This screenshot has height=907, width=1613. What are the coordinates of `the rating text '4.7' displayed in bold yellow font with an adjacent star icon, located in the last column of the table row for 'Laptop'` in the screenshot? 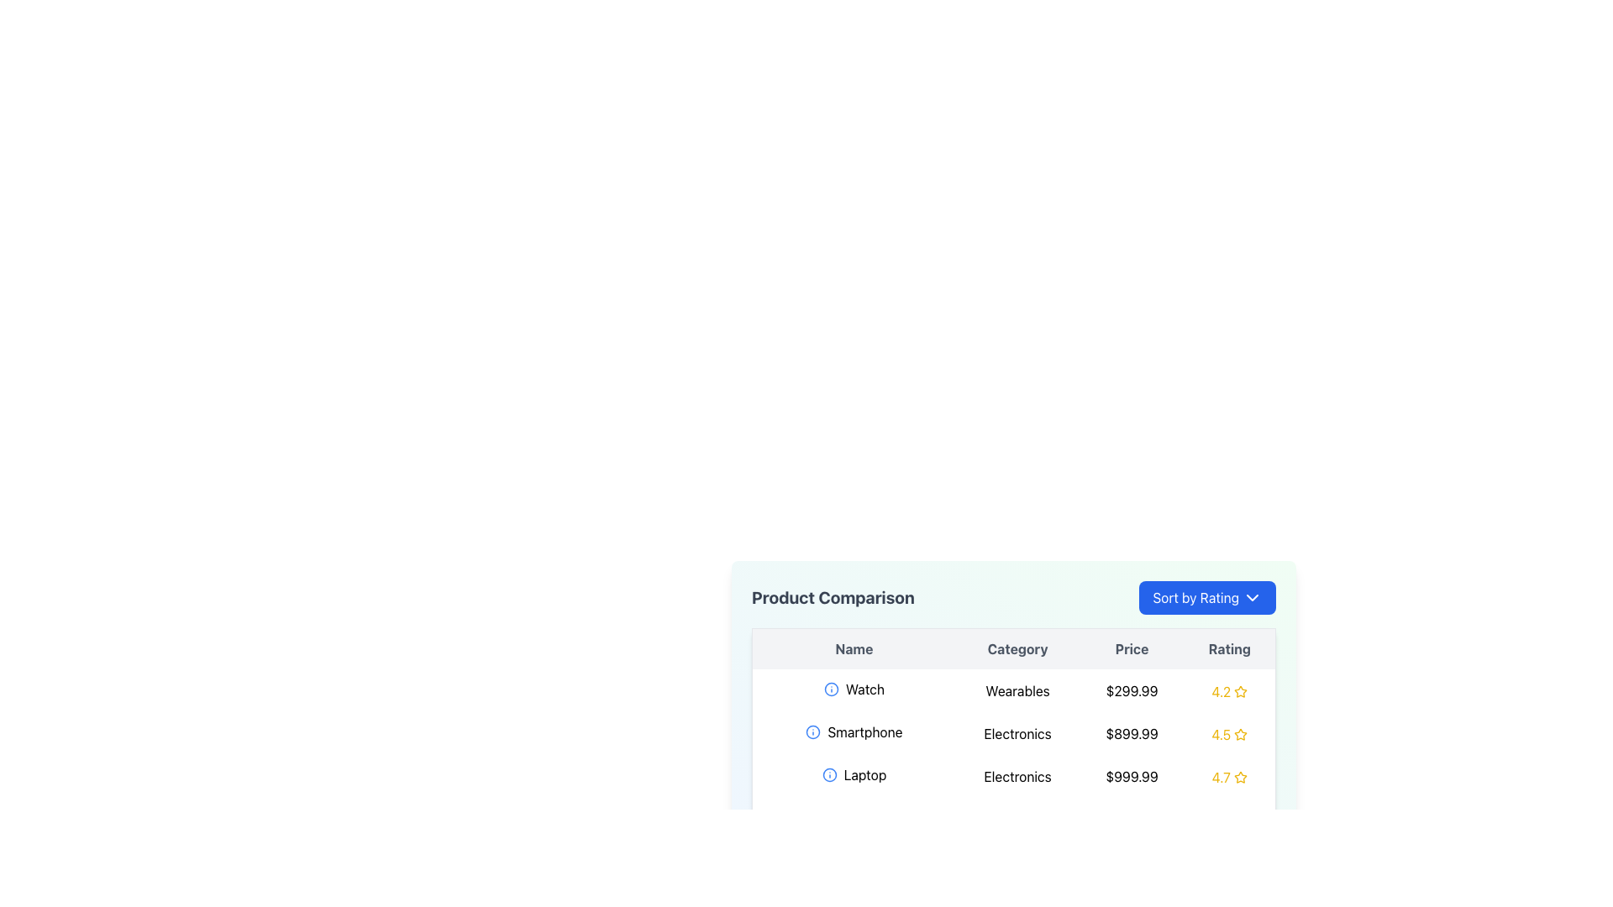 It's located at (1229, 777).